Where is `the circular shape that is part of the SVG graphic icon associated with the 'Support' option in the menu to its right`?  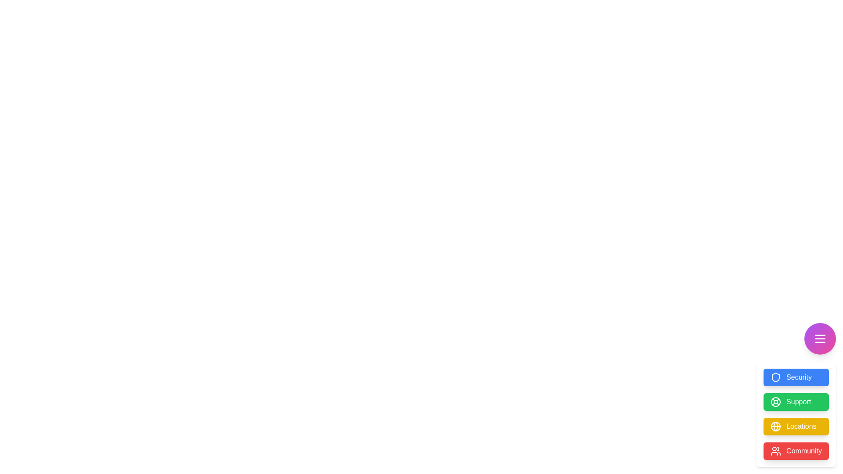 the circular shape that is part of the SVG graphic icon associated with the 'Support' option in the menu to its right is located at coordinates (776, 402).